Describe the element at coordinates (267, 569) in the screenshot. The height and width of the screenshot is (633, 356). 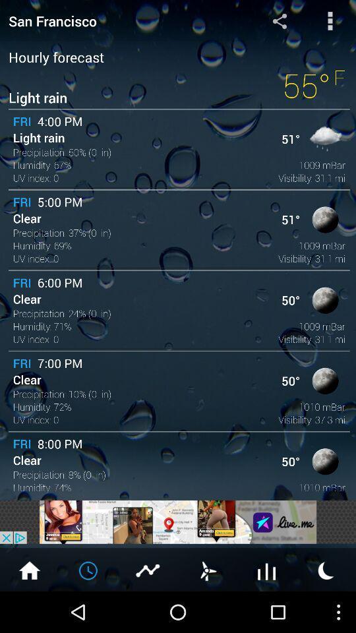
I see `trends` at that location.